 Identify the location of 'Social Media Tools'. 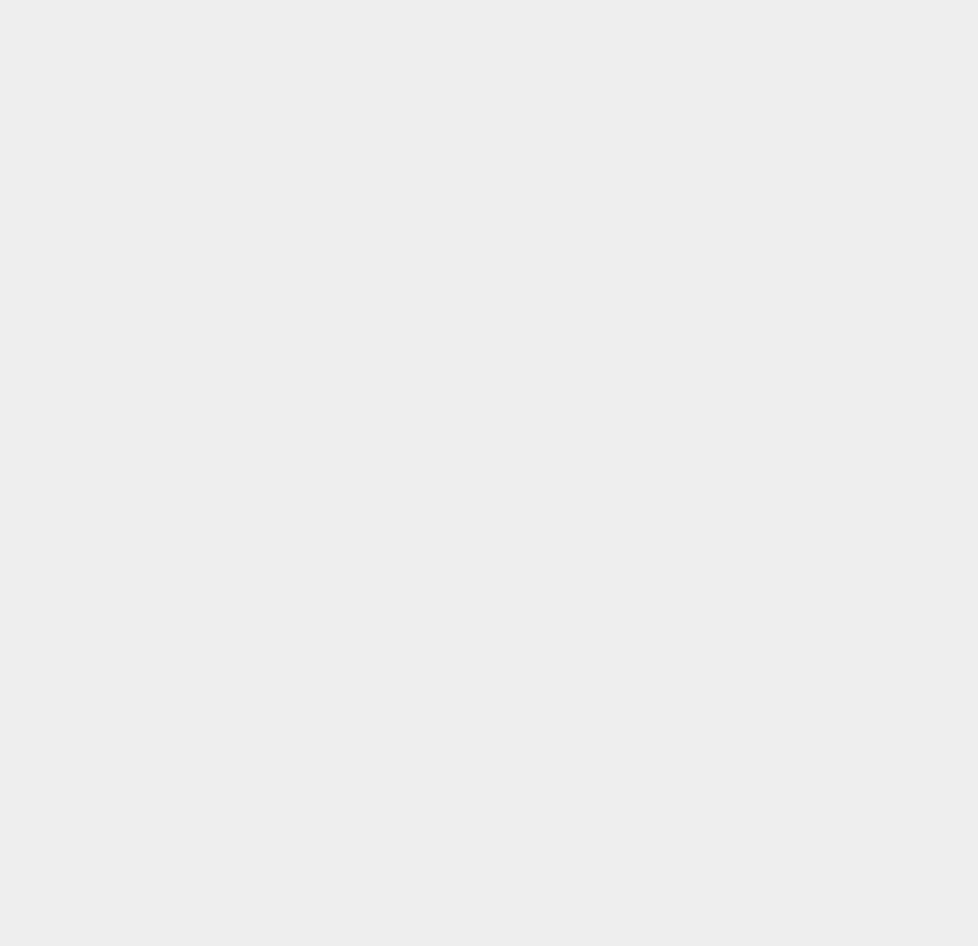
(742, 282).